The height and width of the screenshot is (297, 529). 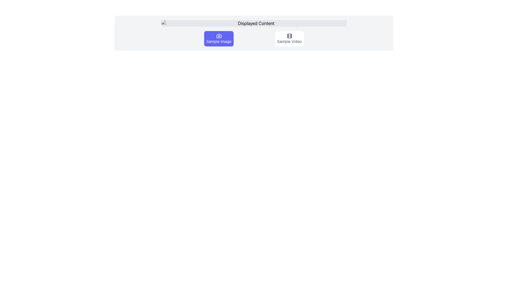 I want to click on the second button located to the right of the 'Sample Image' button under 'Displayed Content' to activate hover effects, so click(x=289, y=38).